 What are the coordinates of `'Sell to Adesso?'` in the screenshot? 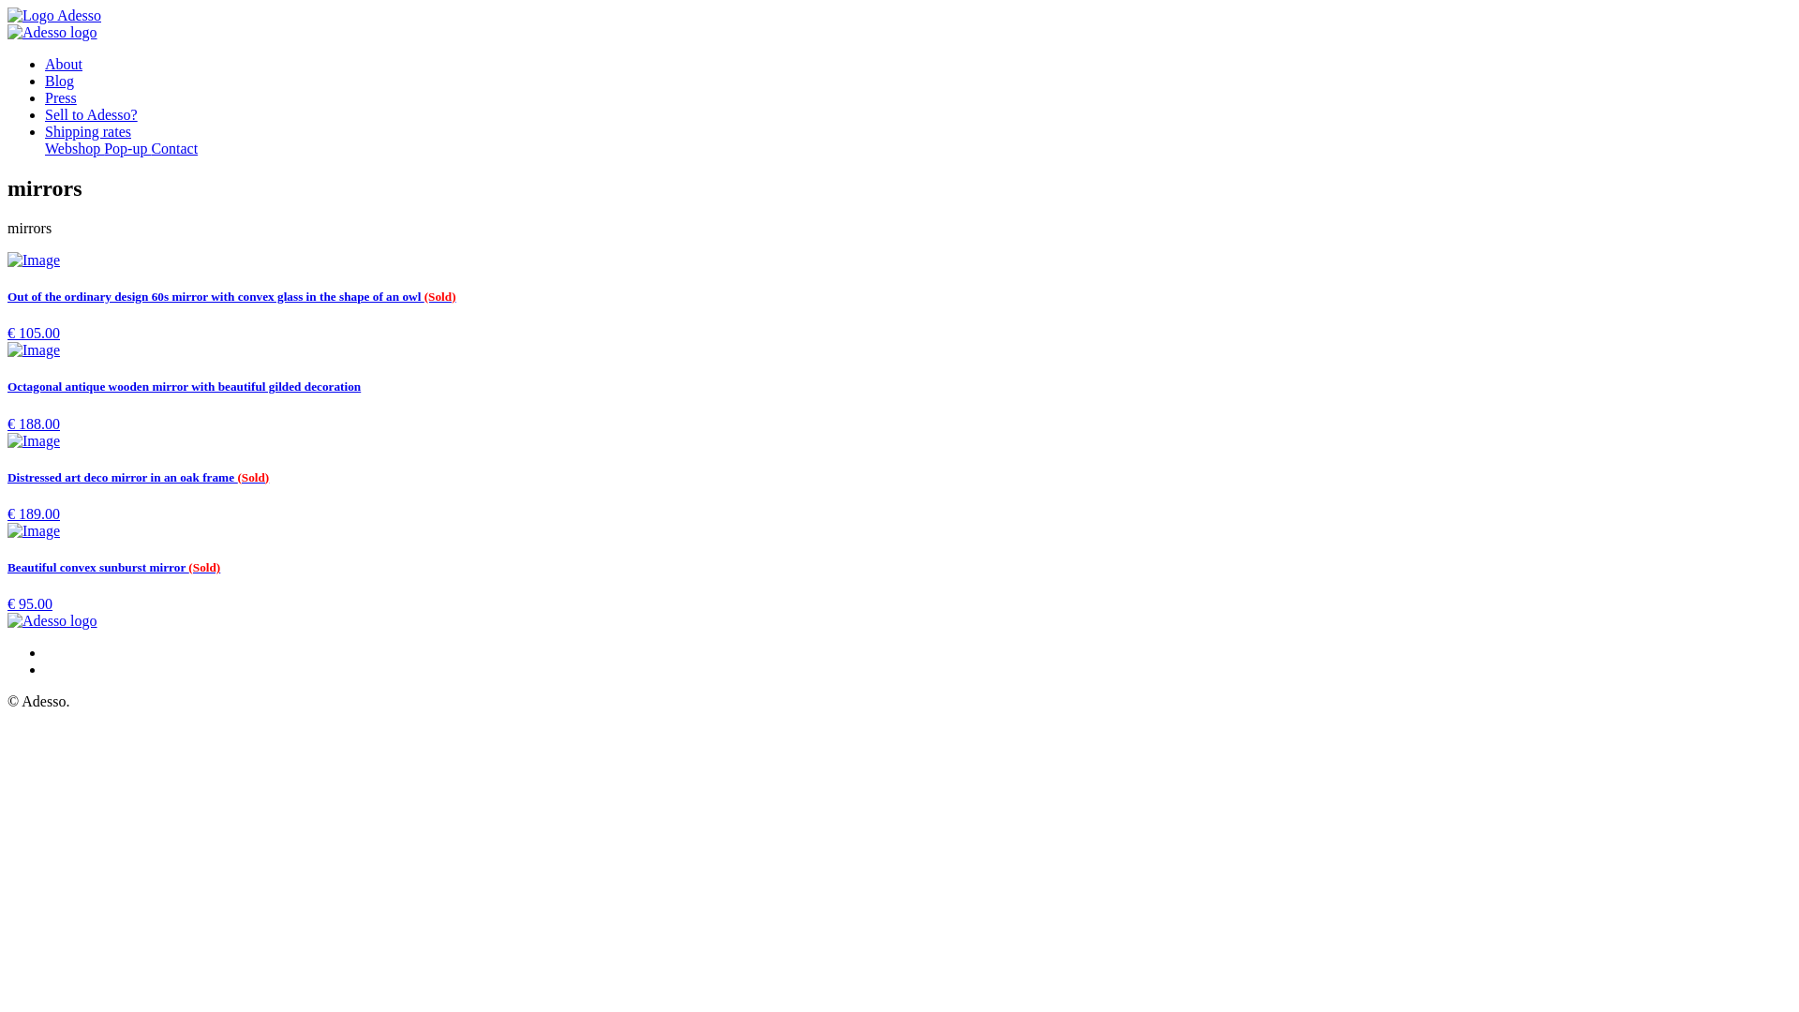 It's located at (90, 114).